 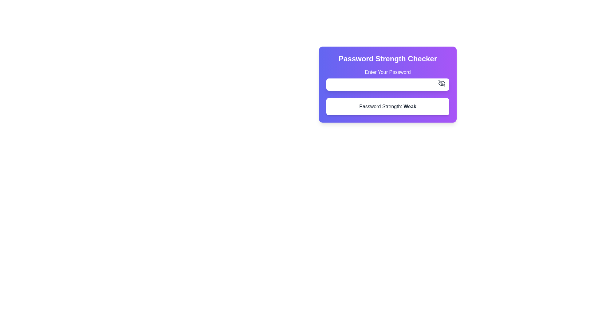 What do you see at coordinates (387, 106) in the screenshot?
I see `the Text Display Widget that shows 'Password Strength: Weak'` at bounding box center [387, 106].